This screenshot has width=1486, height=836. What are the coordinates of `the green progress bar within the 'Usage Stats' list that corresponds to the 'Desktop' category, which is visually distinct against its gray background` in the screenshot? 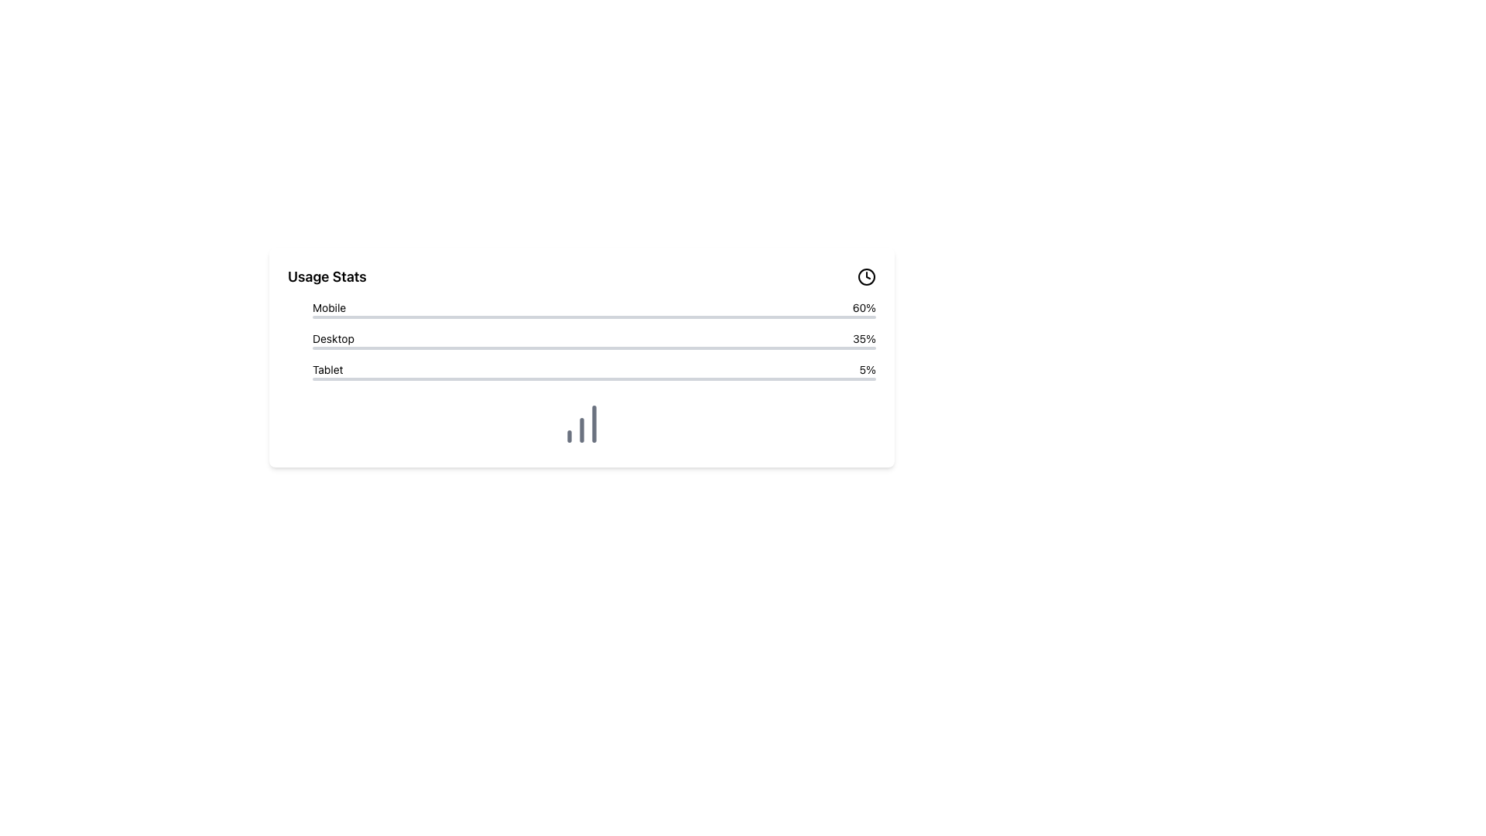 It's located at (411, 348).